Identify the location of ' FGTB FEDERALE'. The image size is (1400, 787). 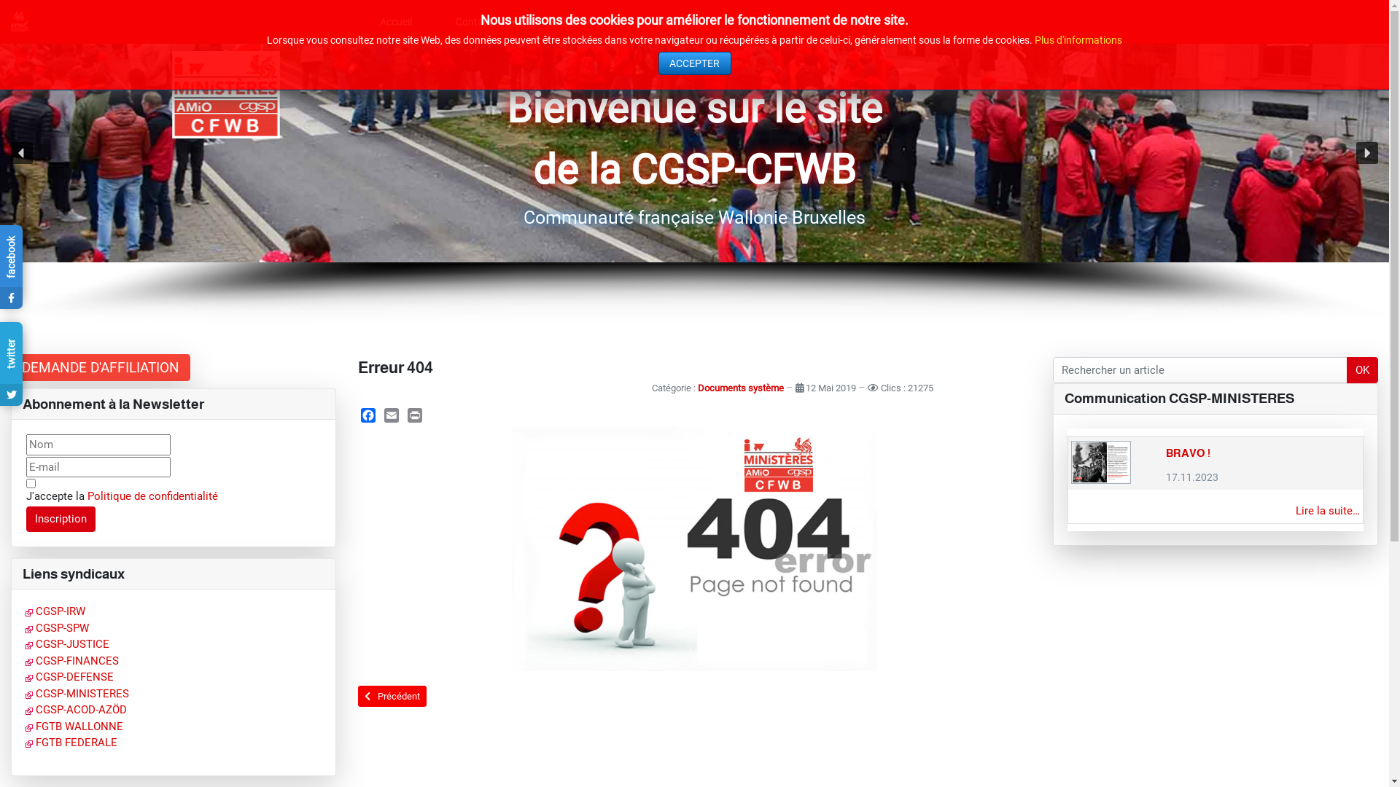
(25, 742).